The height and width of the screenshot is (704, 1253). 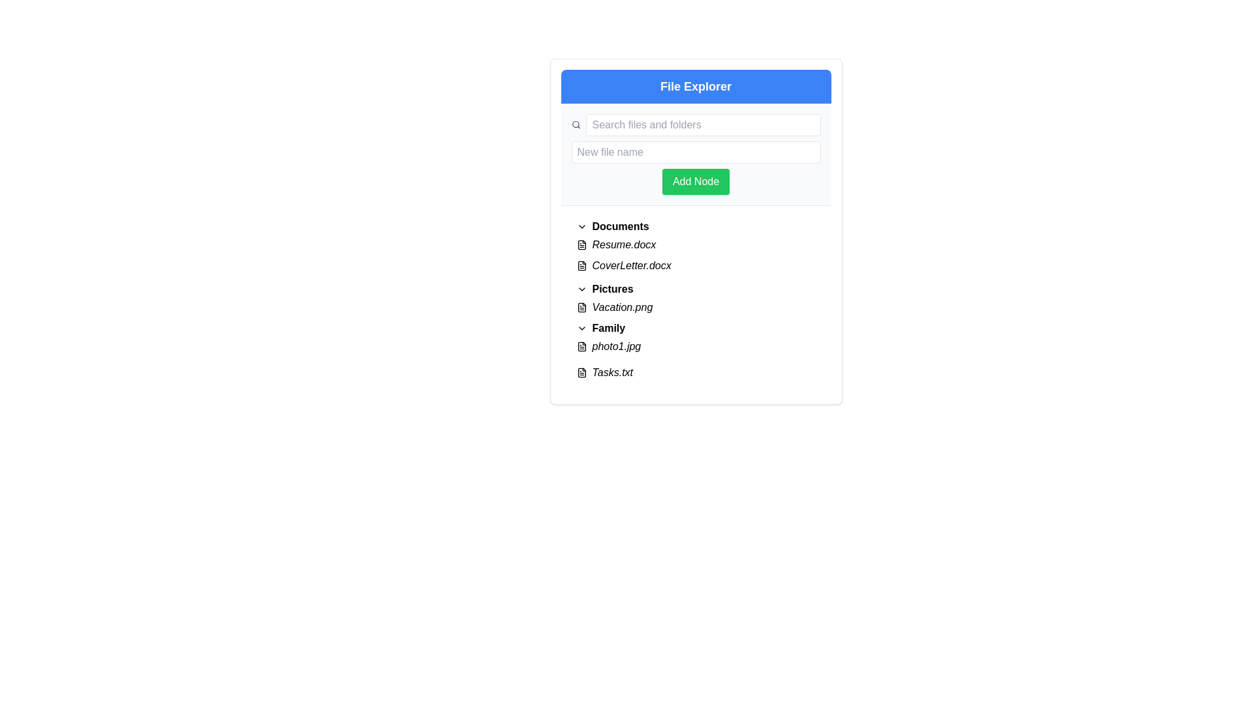 What do you see at coordinates (694, 181) in the screenshot?
I see `the 'Add Node' button located in the 'File Explorer' interface, directly below the 'New file name' input box` at bounding box center [694, 181].